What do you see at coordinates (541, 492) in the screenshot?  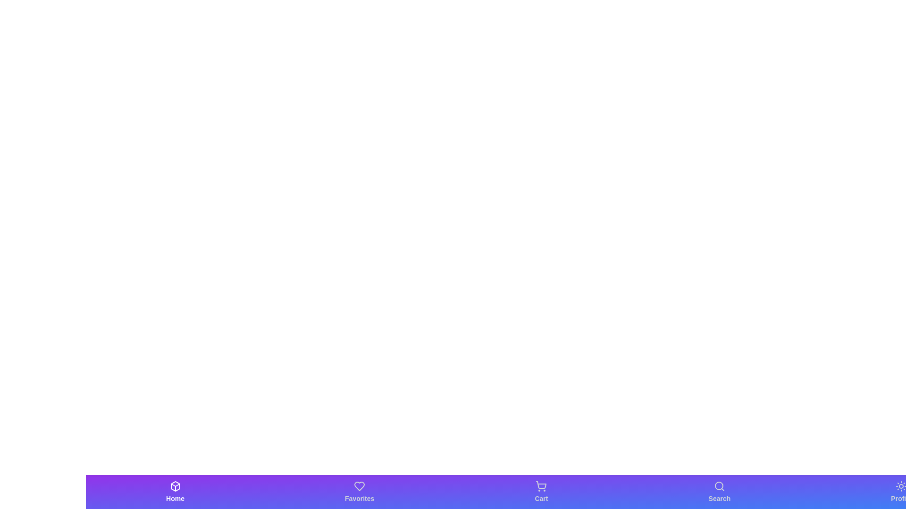 I see `the Cart tab in the bottom bar` at bounding box center [541, 492].